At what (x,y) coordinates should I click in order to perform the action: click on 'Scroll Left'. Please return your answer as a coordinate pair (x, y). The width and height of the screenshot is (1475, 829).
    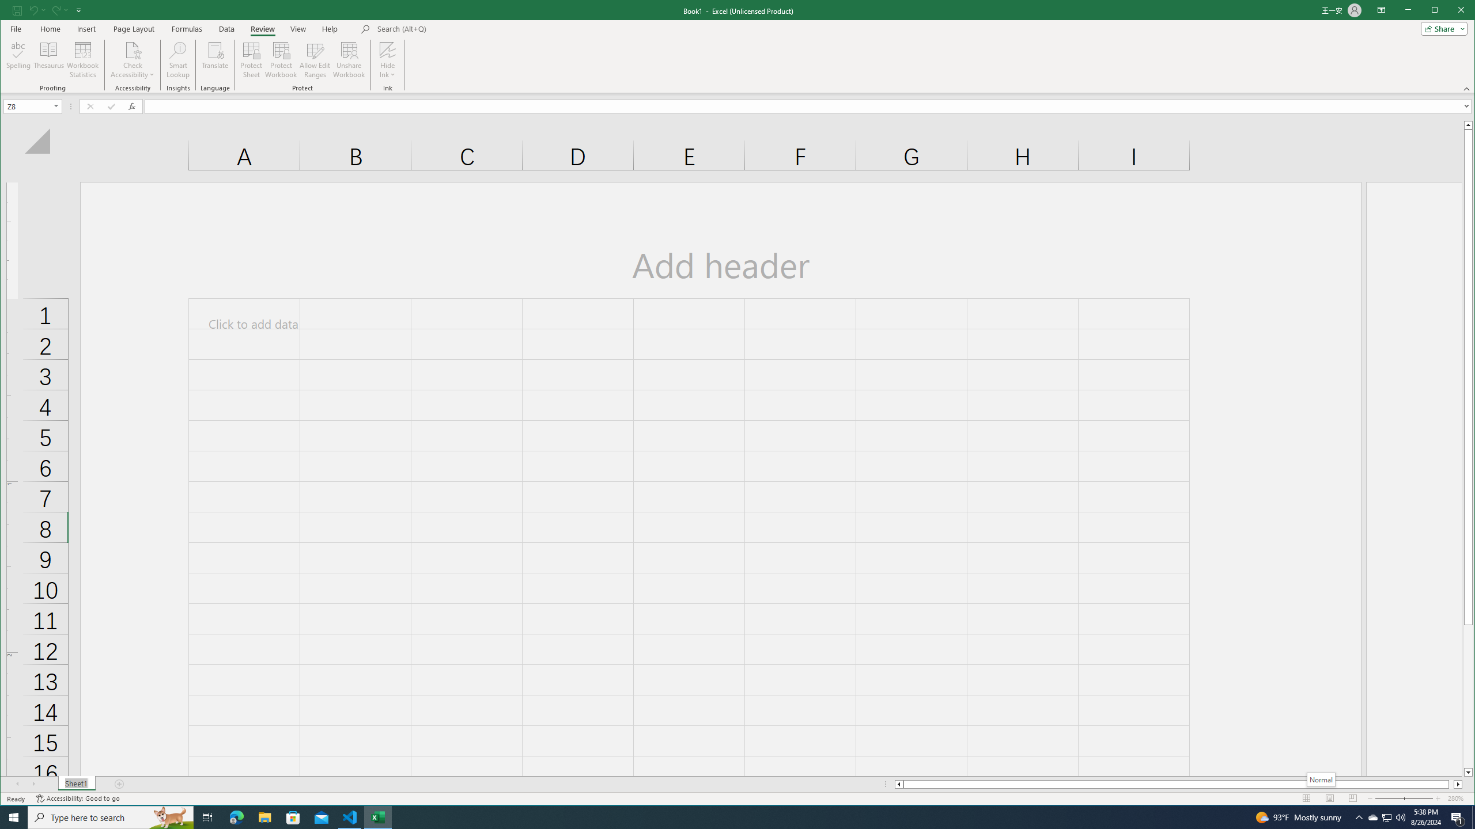
    Looking at the image, I should click on (18, 784).